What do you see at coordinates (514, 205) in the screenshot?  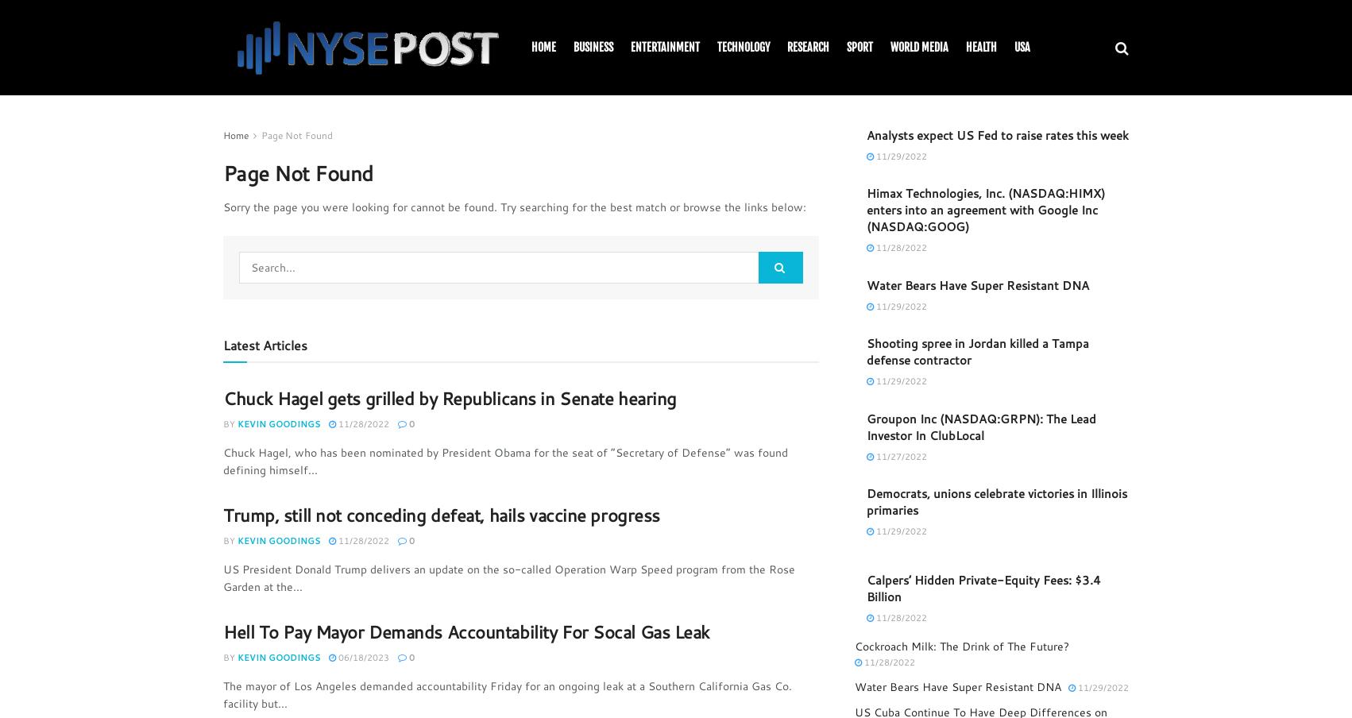 I see `'Sorry the page you were looking for cannot be found. Try searching for the best match or browse the links below:'` at bounding box center [514, 205].